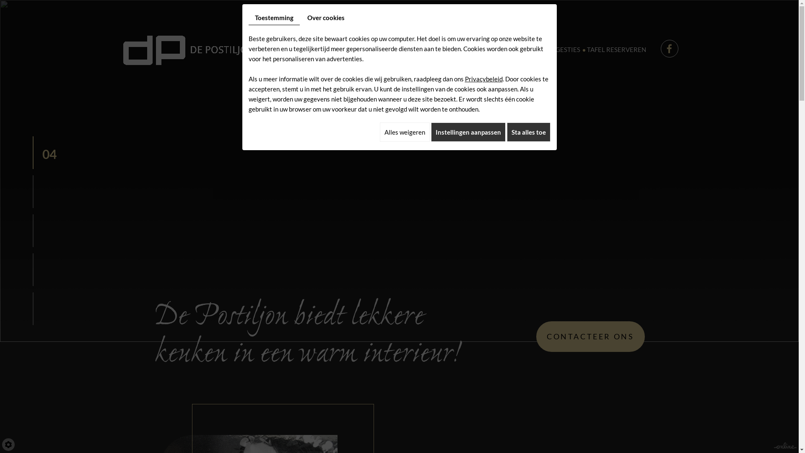 This screenshot has height=453, width=805. Describe the element at coordinates (247, 18) in the screenshot. I see `'Toestemming'` at that location.